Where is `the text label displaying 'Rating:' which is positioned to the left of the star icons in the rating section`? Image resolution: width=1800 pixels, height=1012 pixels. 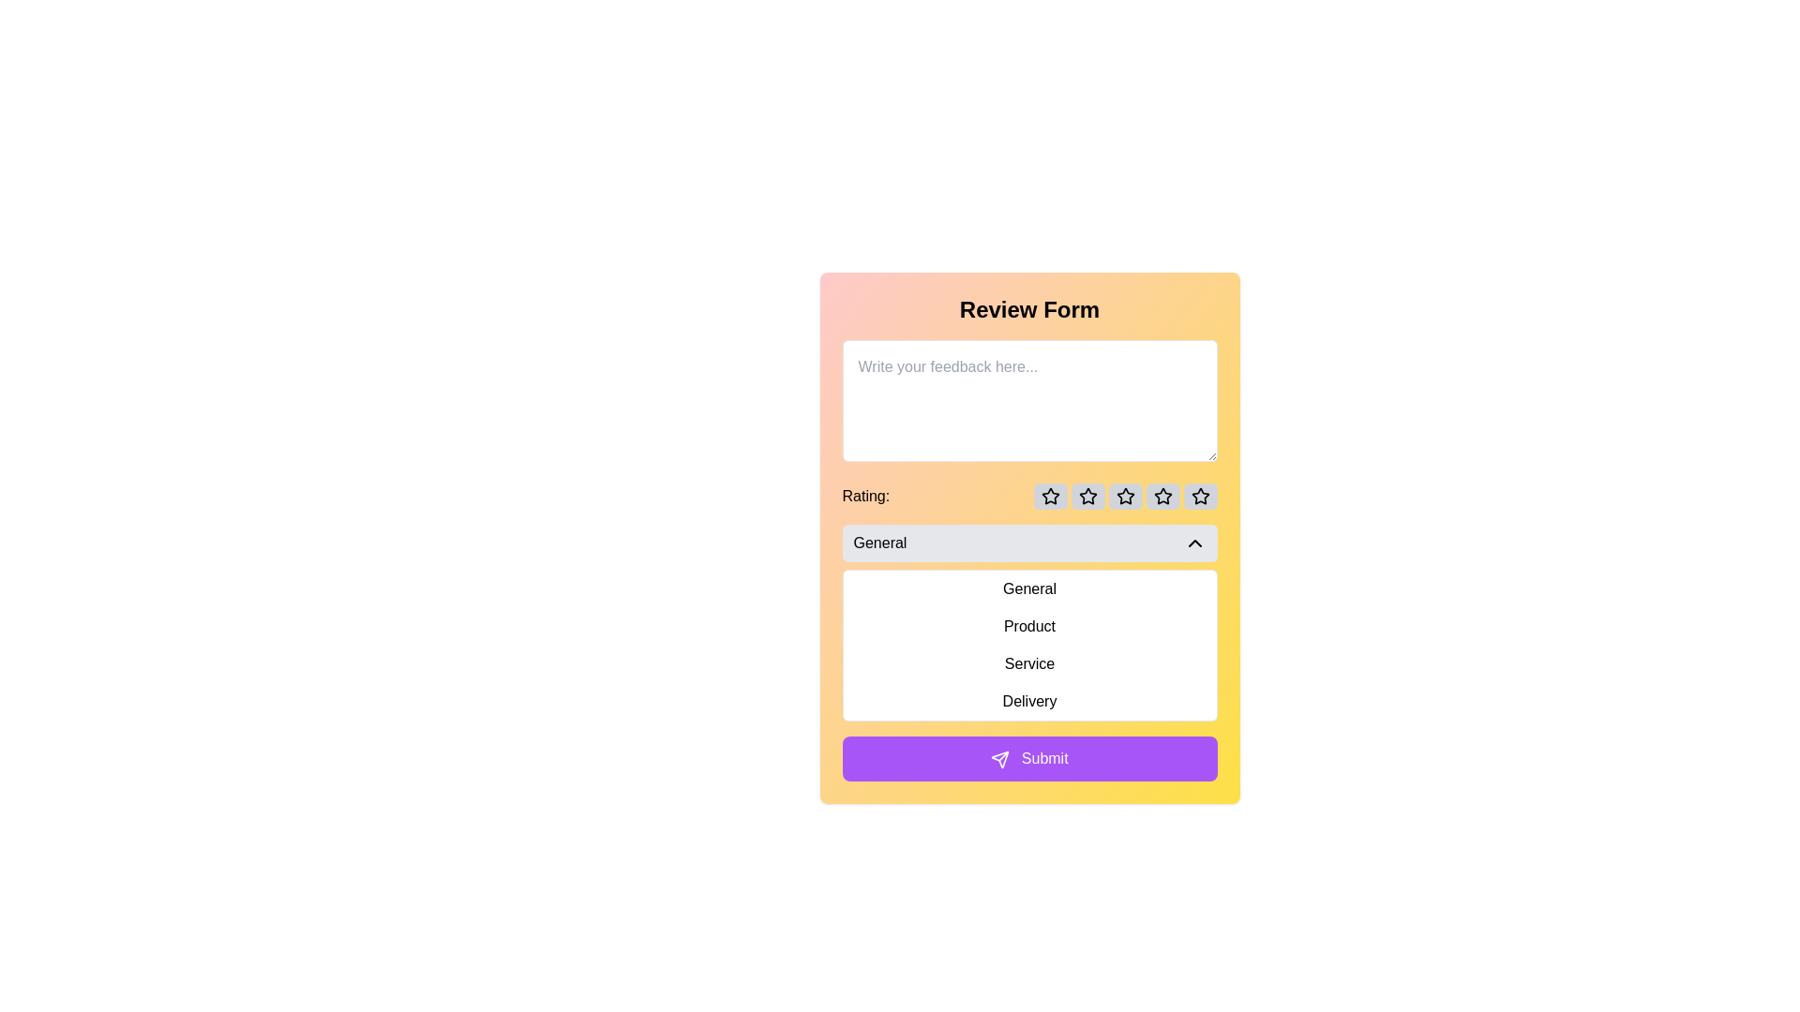 the text label displaying 'Rating:' which is positioned to the left of the star icons in the rating section is located at coordinates (864, 495).